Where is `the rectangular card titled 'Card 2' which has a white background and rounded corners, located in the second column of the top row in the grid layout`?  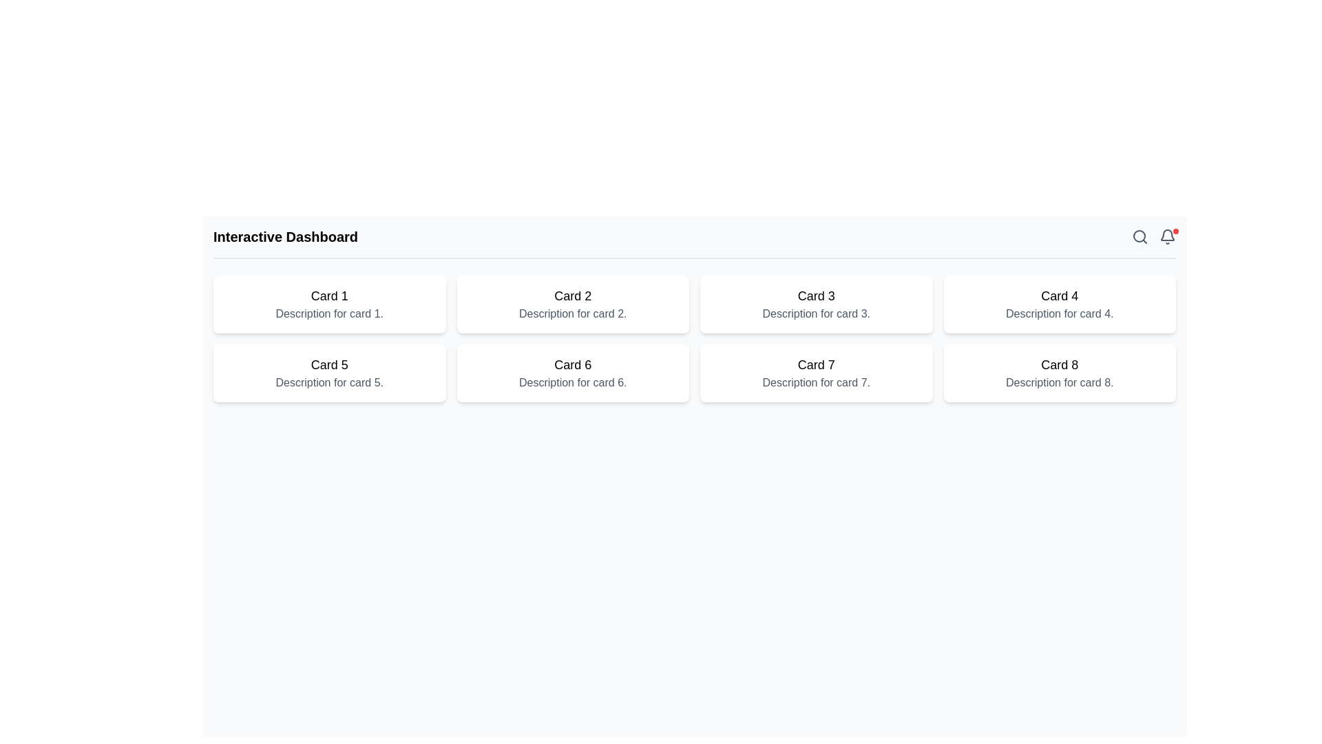
the rectangular card titled 'Card 2' which has a white background and rounded corners, located in the second column of the top row in the grid layout is located at coordinates (573, 304).